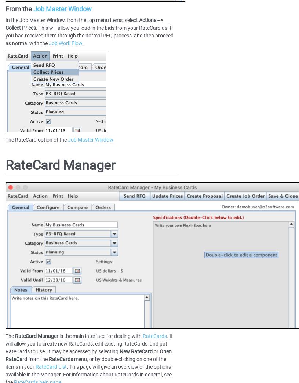  Describe the element at coordinates (90, 35) in the screenshot. I see `'. This will allow you load in the bids from your RateCard as if you had received them through the normal RFQ process, and then proceed as normal with the'` at that location.